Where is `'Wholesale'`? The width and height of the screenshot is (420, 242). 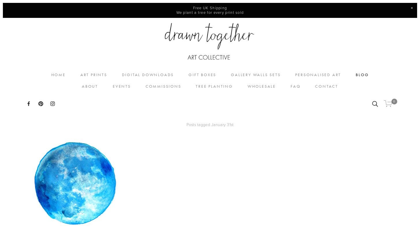
'Wholesale' is located at coordinates (261, 86).